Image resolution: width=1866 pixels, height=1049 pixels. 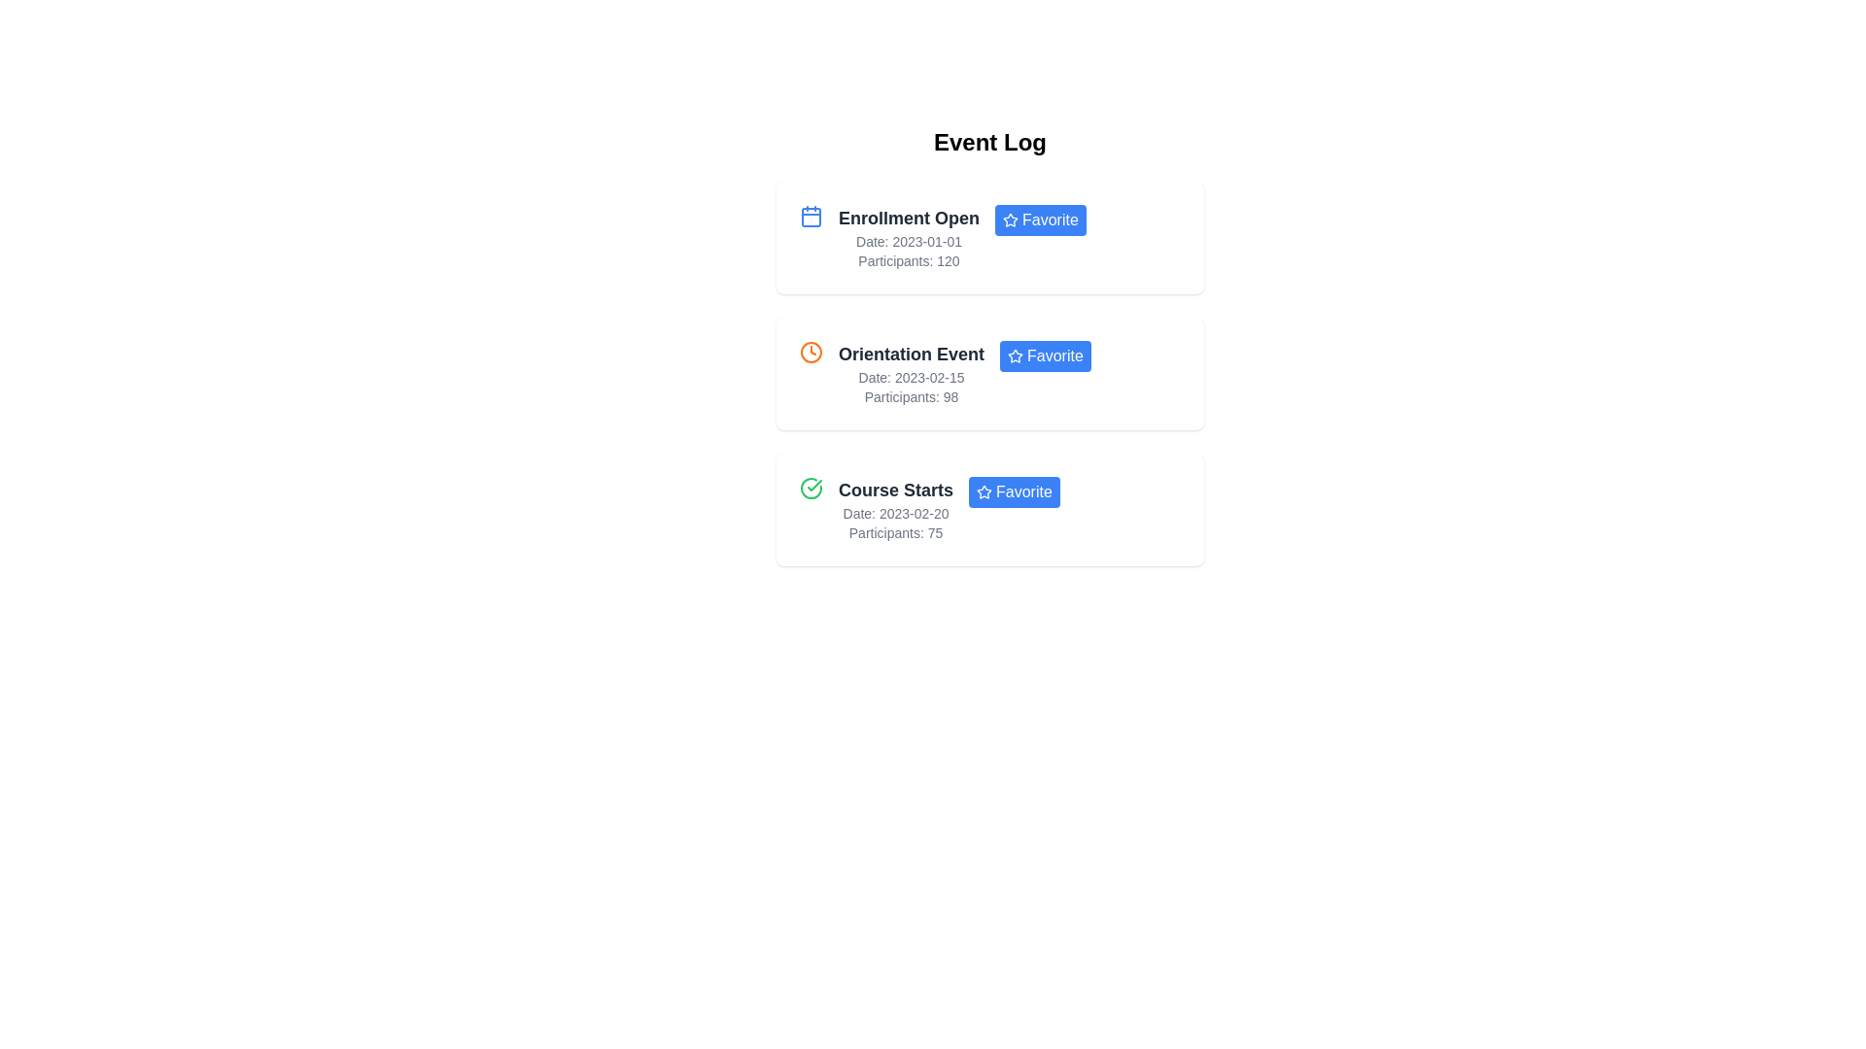 What do you see at coordinates (812, 217) in the screenshot?
I see `the icon located in the top-left corner of the 'Enrollment Open' card, which serves as an identification symbol for the event` at bounding box center [812, 217].